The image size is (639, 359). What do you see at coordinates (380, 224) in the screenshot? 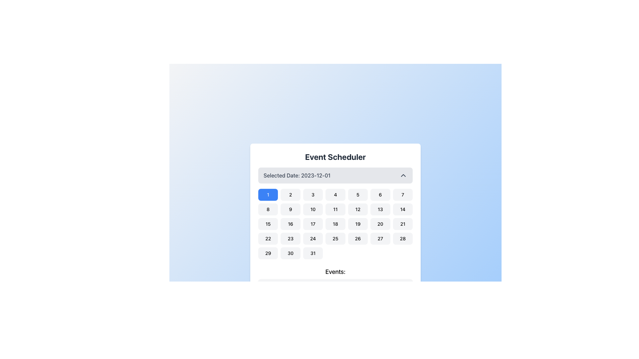
I see `the rectangular button with rounded corners labeled '20' to change its appearance` at bounding box center [380, 224].